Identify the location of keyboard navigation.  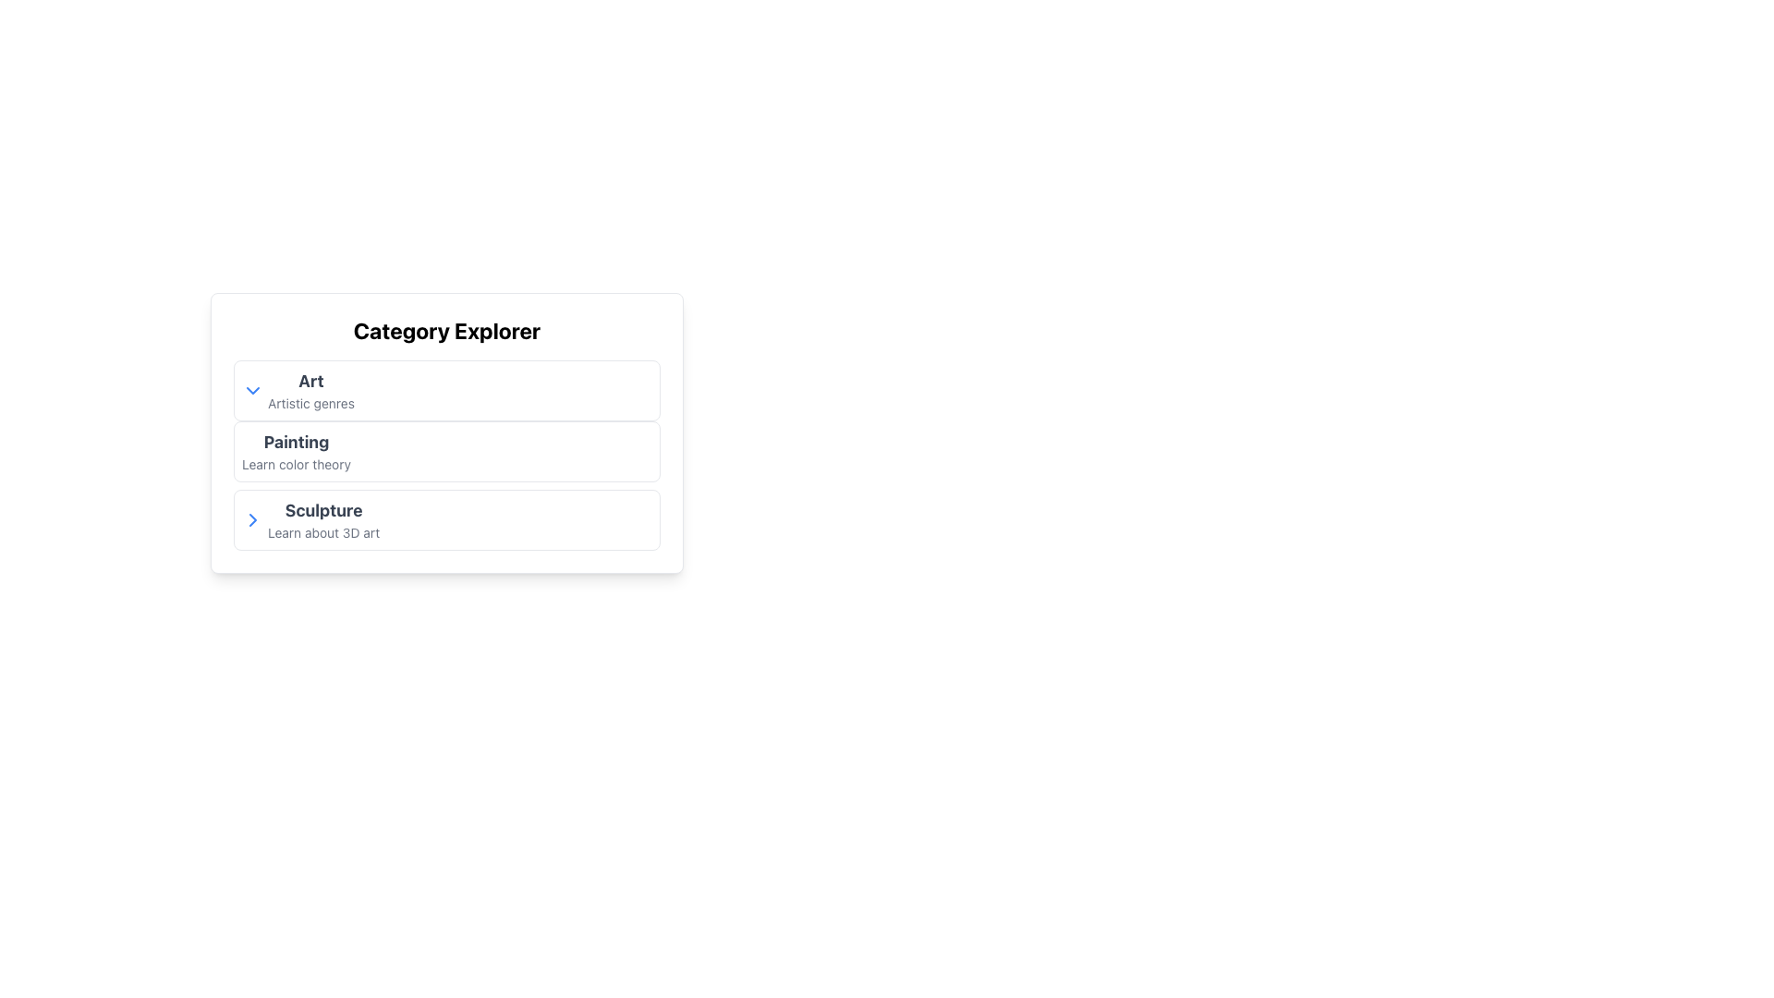
(297, 442).